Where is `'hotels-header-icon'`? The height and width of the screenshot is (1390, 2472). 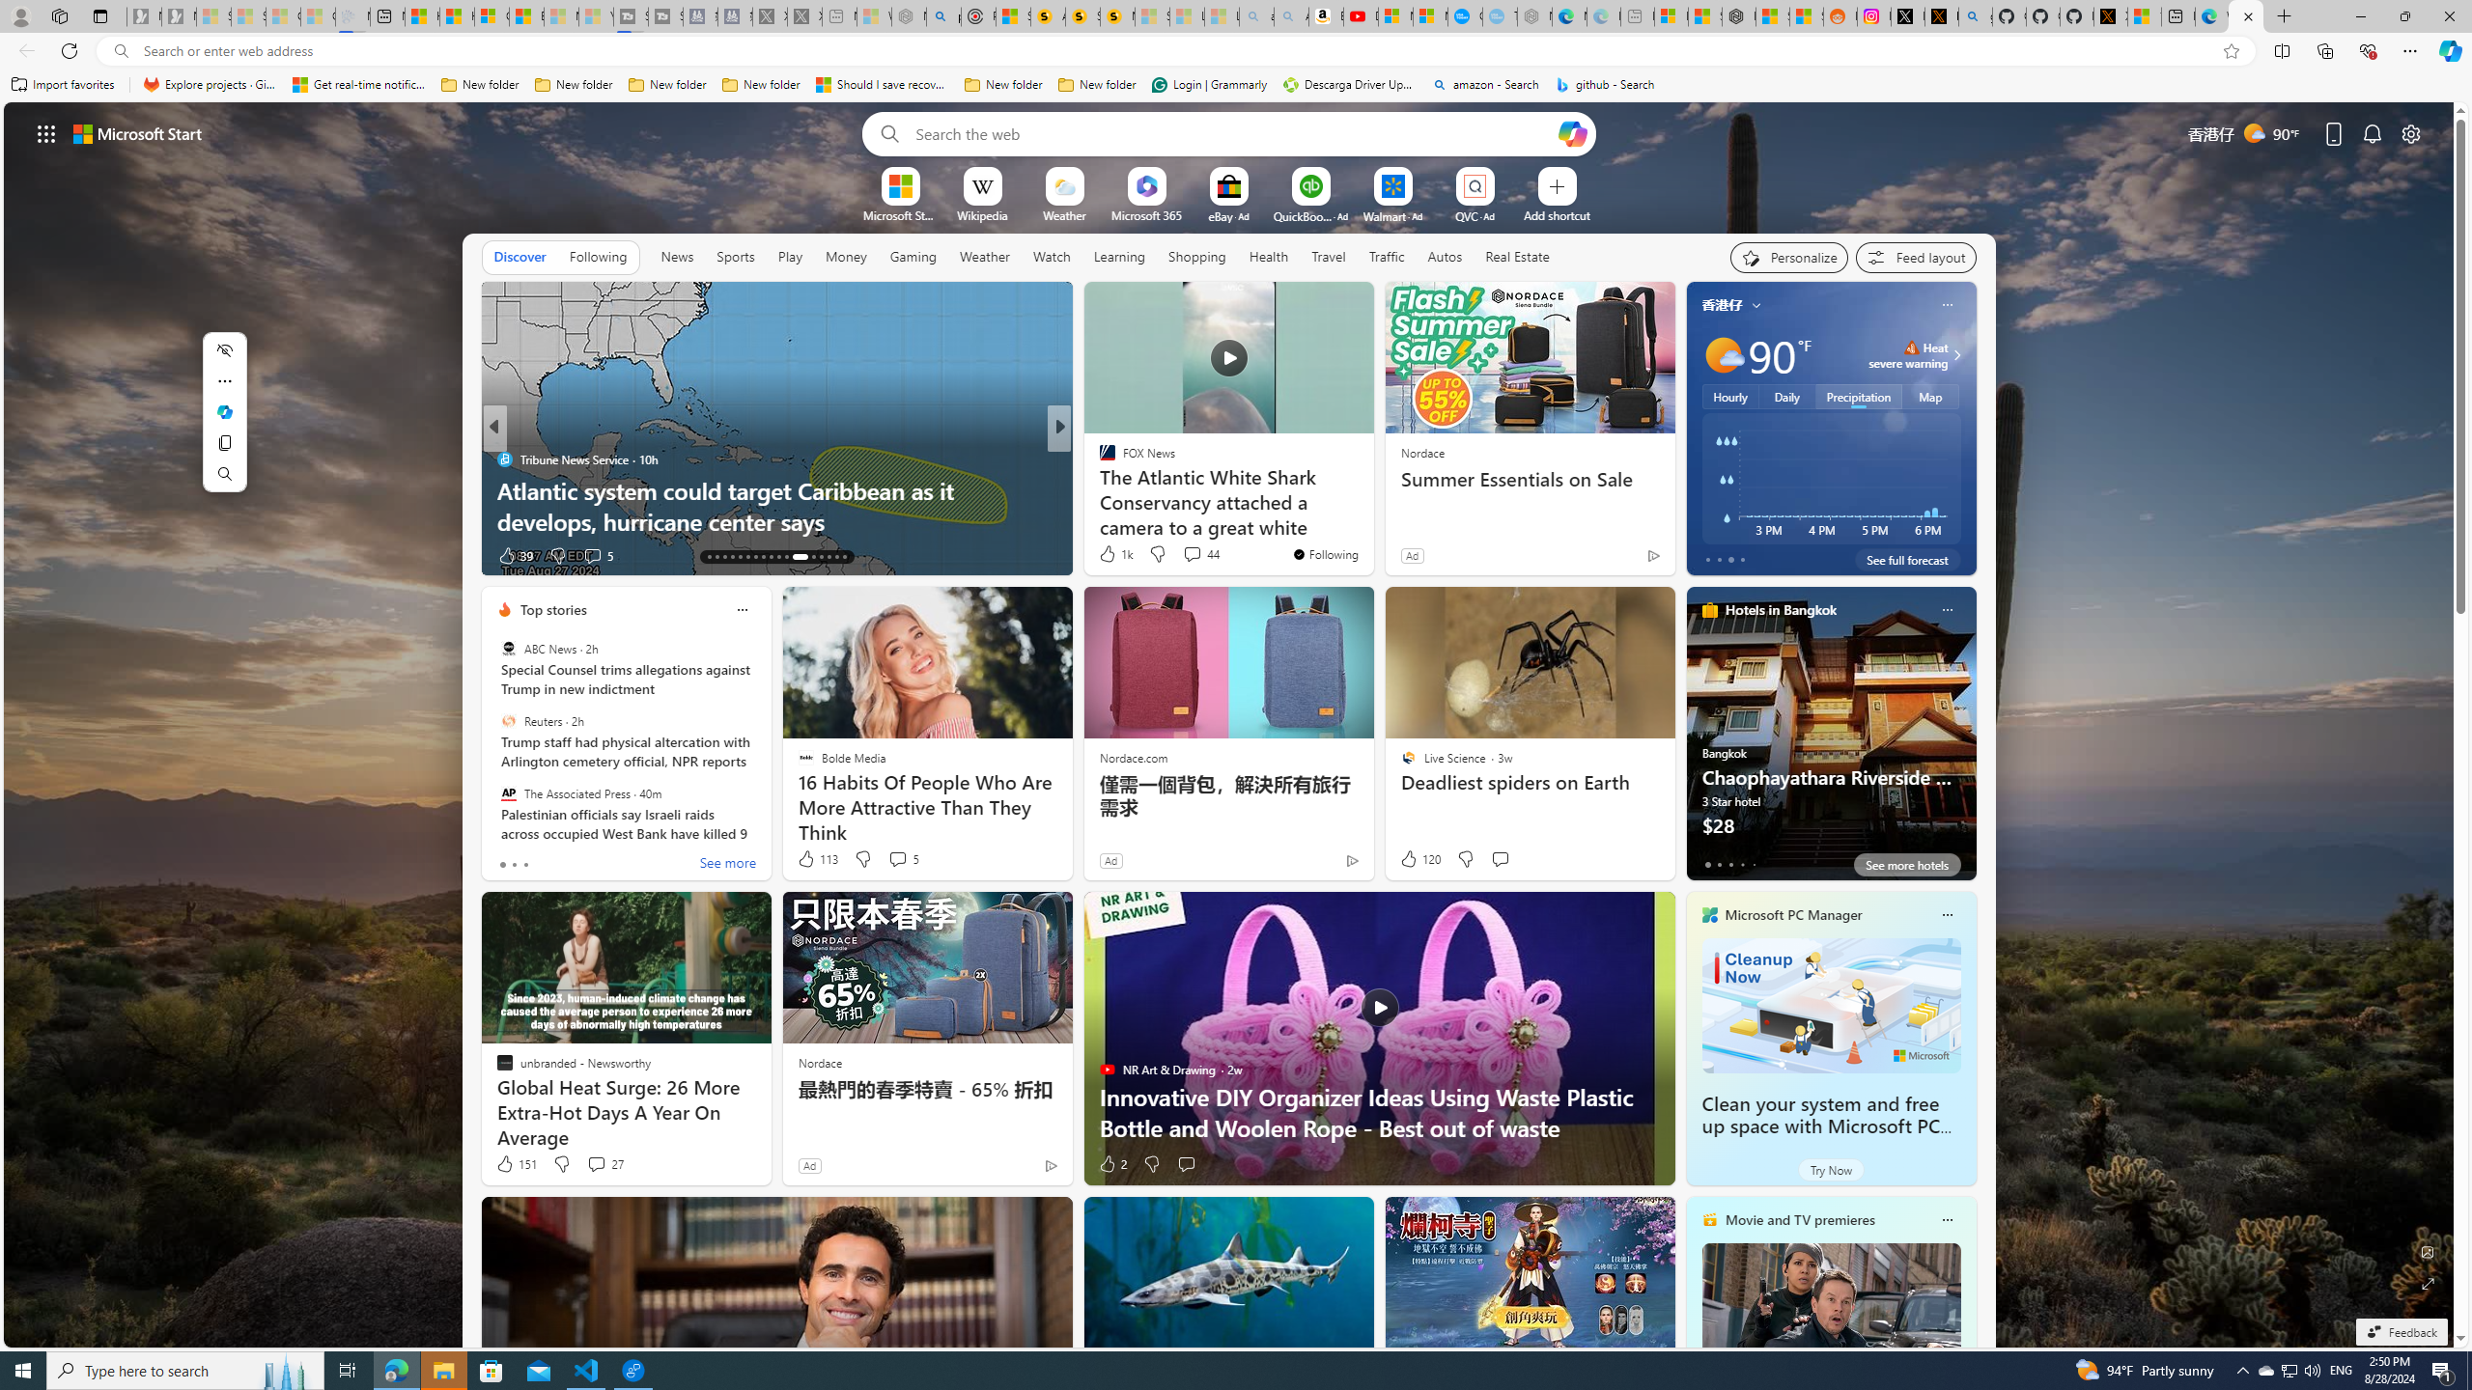
'hotels-header-icon' is located at coordinates (1708, 609).